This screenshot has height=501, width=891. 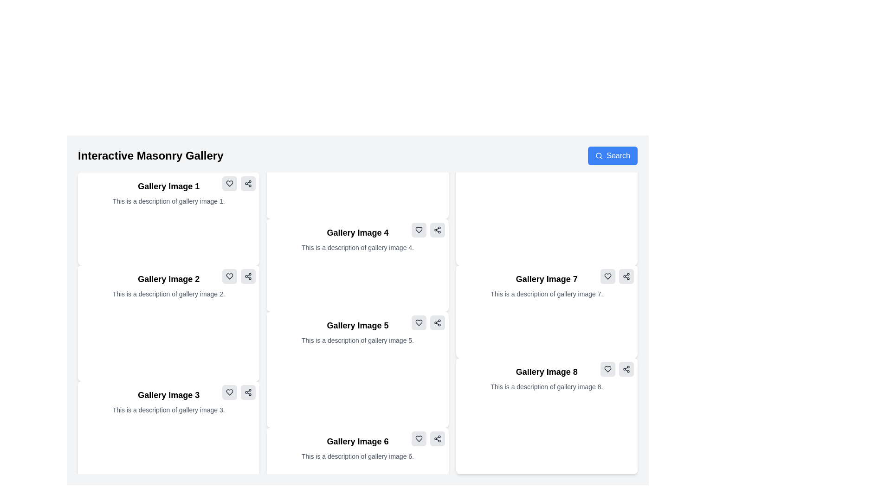 I want to click on the fourth text block in the gallery grid layout that provides a visual description for an item, located centrally between 'Gallery Image 2' and 'Gallery Image 5', so click(x=357, y=239).